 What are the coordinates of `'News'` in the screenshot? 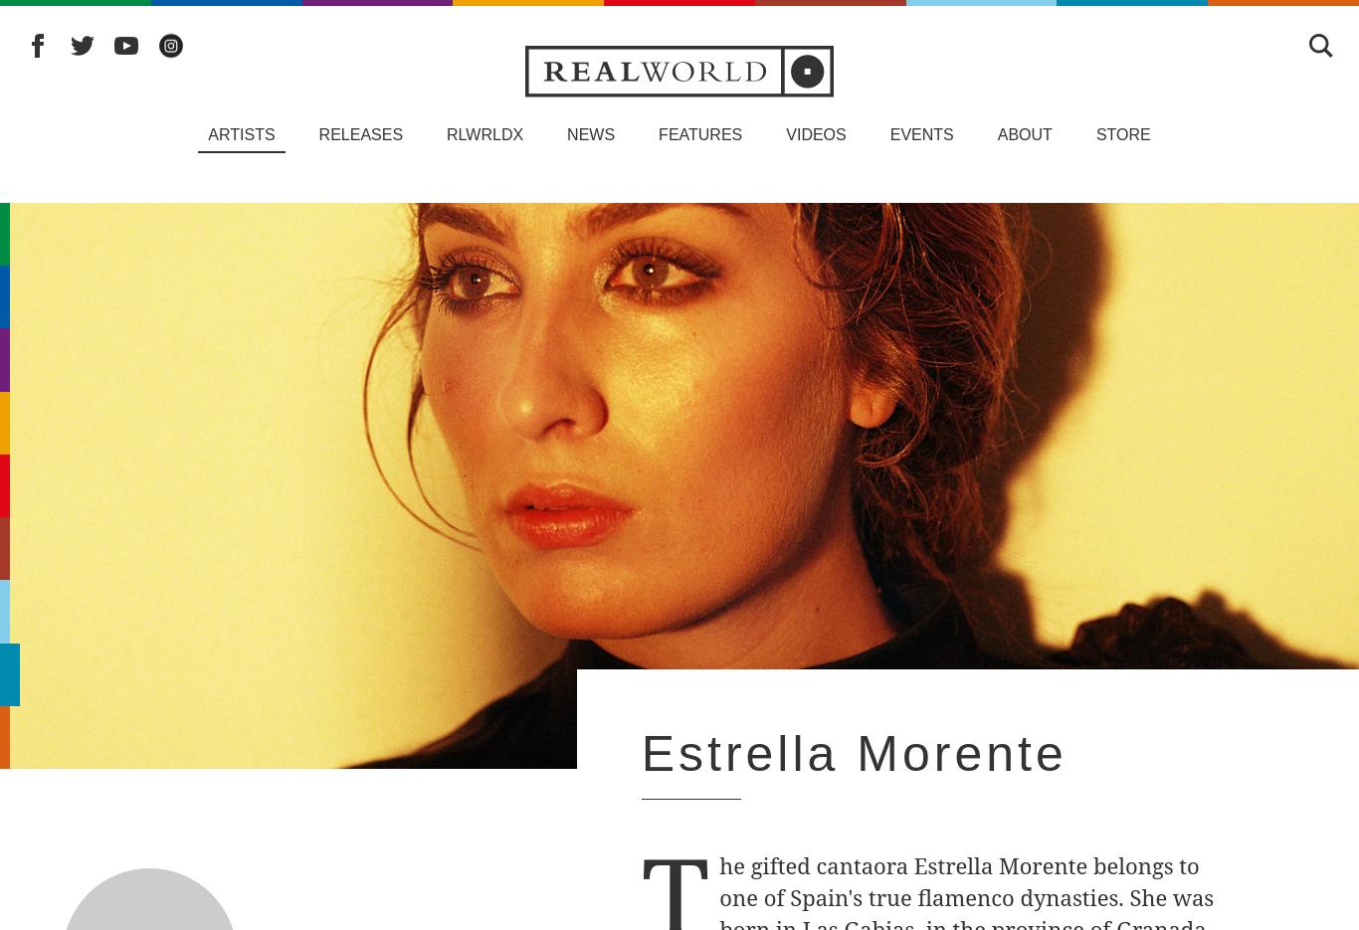 It's located at (589, 134).